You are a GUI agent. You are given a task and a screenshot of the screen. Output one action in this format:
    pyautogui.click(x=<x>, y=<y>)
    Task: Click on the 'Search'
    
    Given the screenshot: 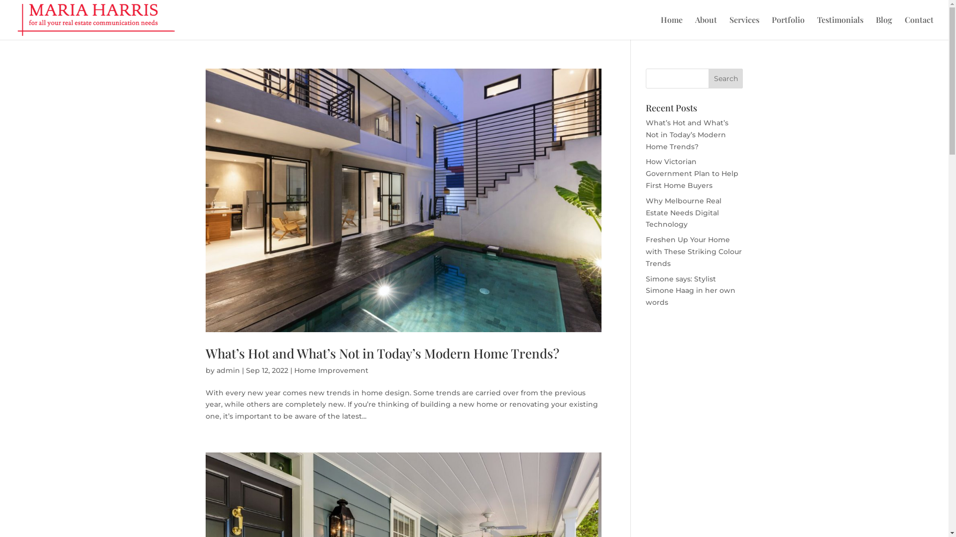 What is the action you would take?
    pyautogui.click(x=726, y=78)
    